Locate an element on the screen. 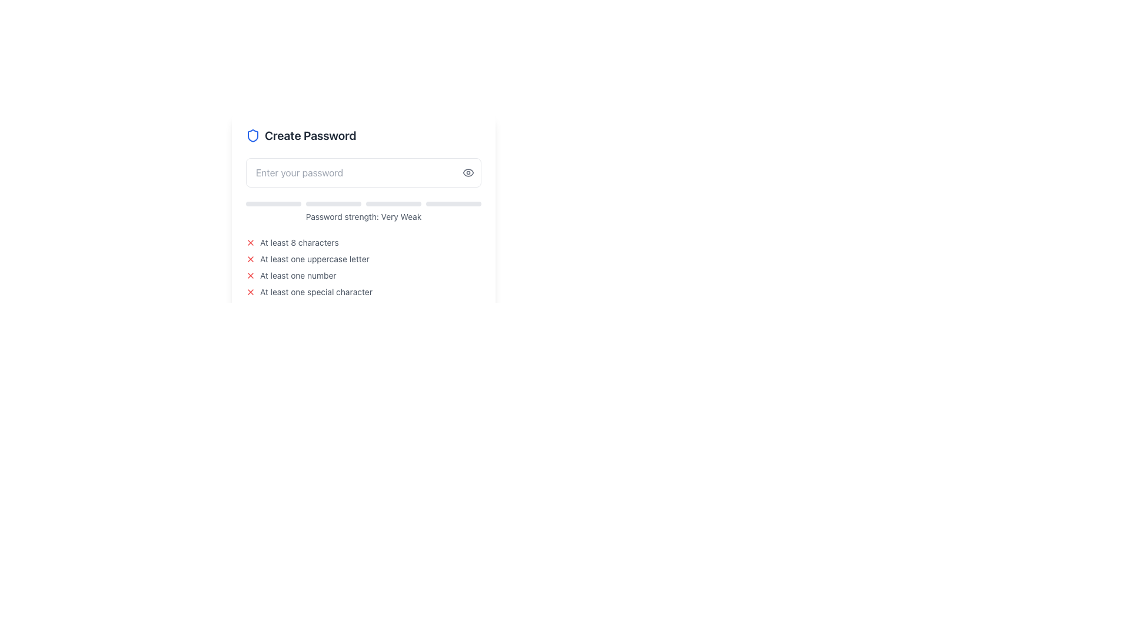 The width and height of the screenshot is (1130, 635). the negative status icon indicating that the criteria 'At least one special character' are not met, located at the leftmost part of the corresponding text line is located at coordinates (250, 292).